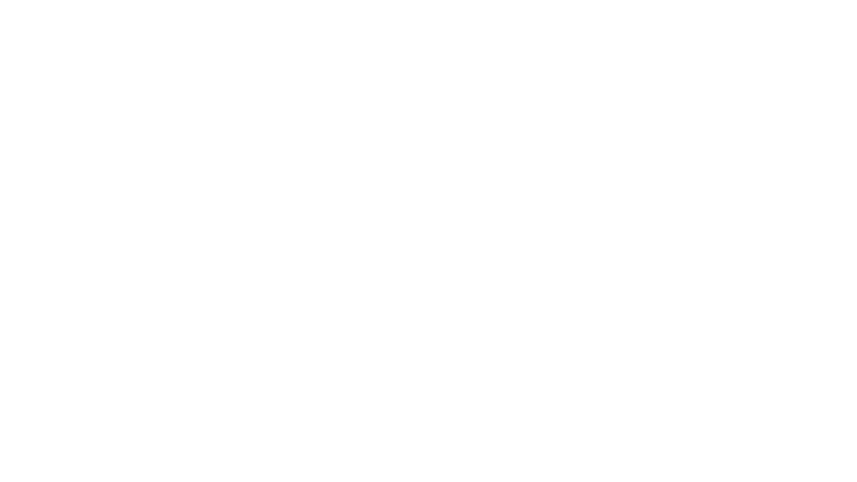 The height and width of the screenshot is (482, 857). Describe the element at coordinates (765, 423) in the screenshot. I see `Accept All Cookies` at that location.